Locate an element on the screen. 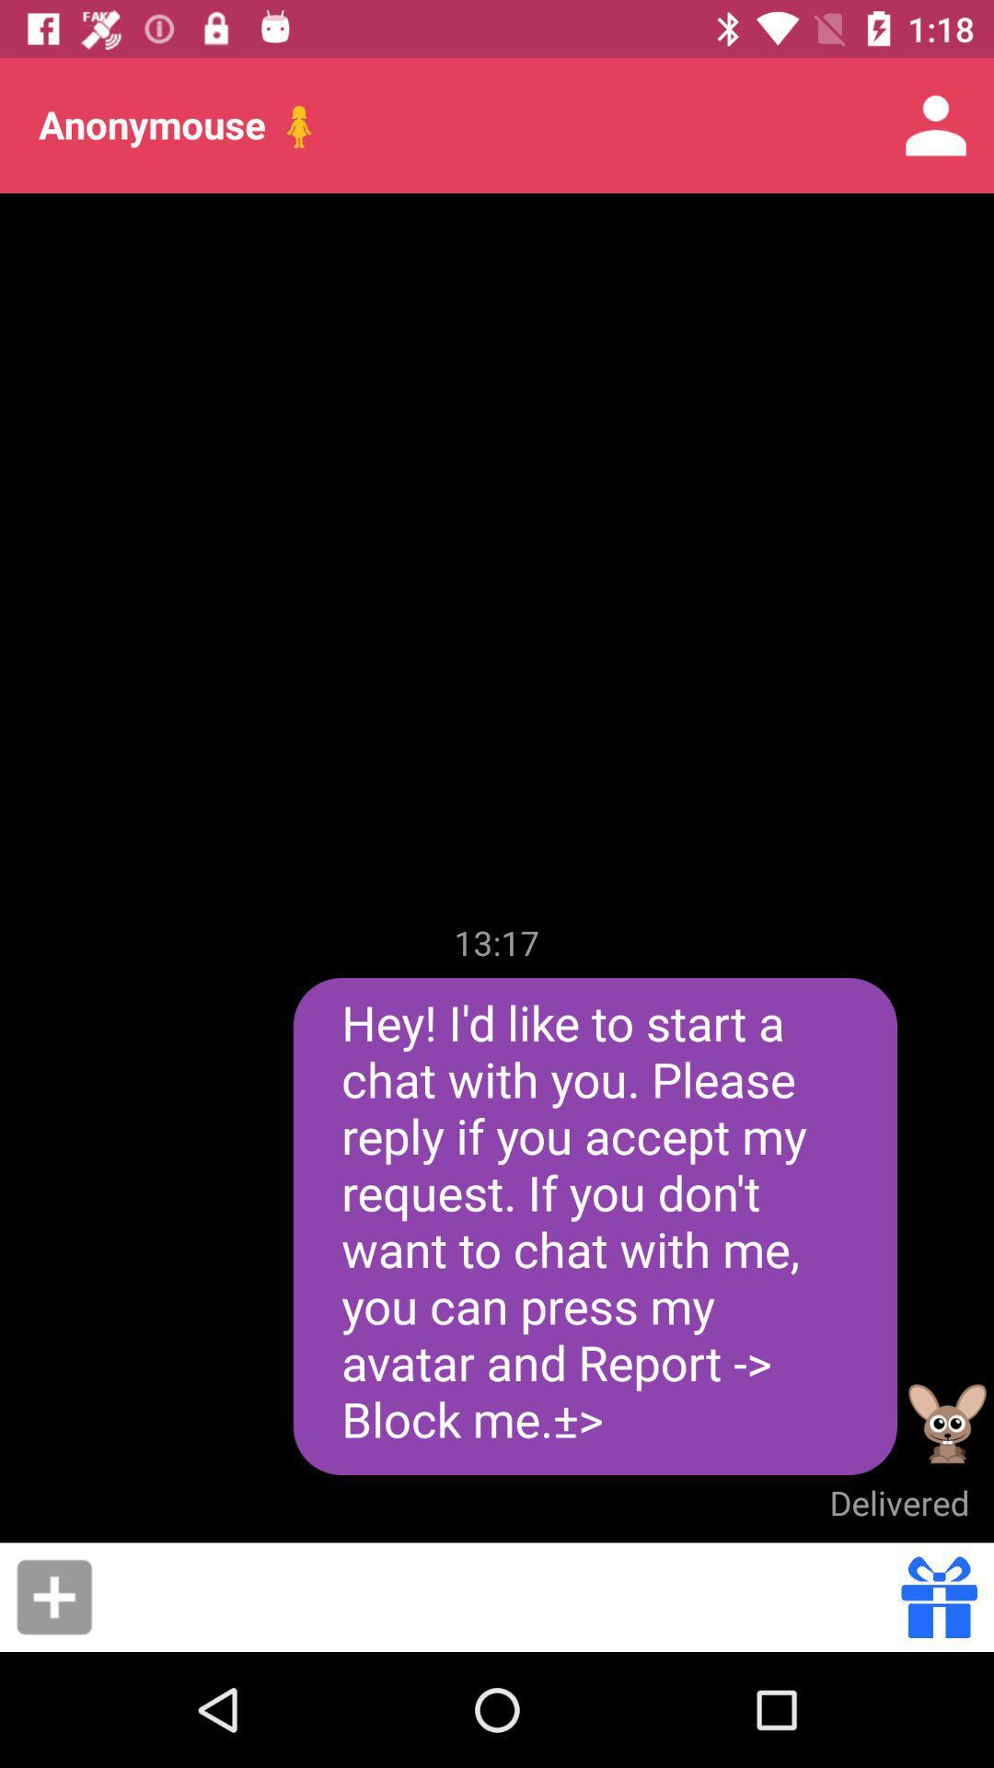 The width and height of the screenshot is (994, 1768). item at the top right corner is located at coordinates (936, 124).